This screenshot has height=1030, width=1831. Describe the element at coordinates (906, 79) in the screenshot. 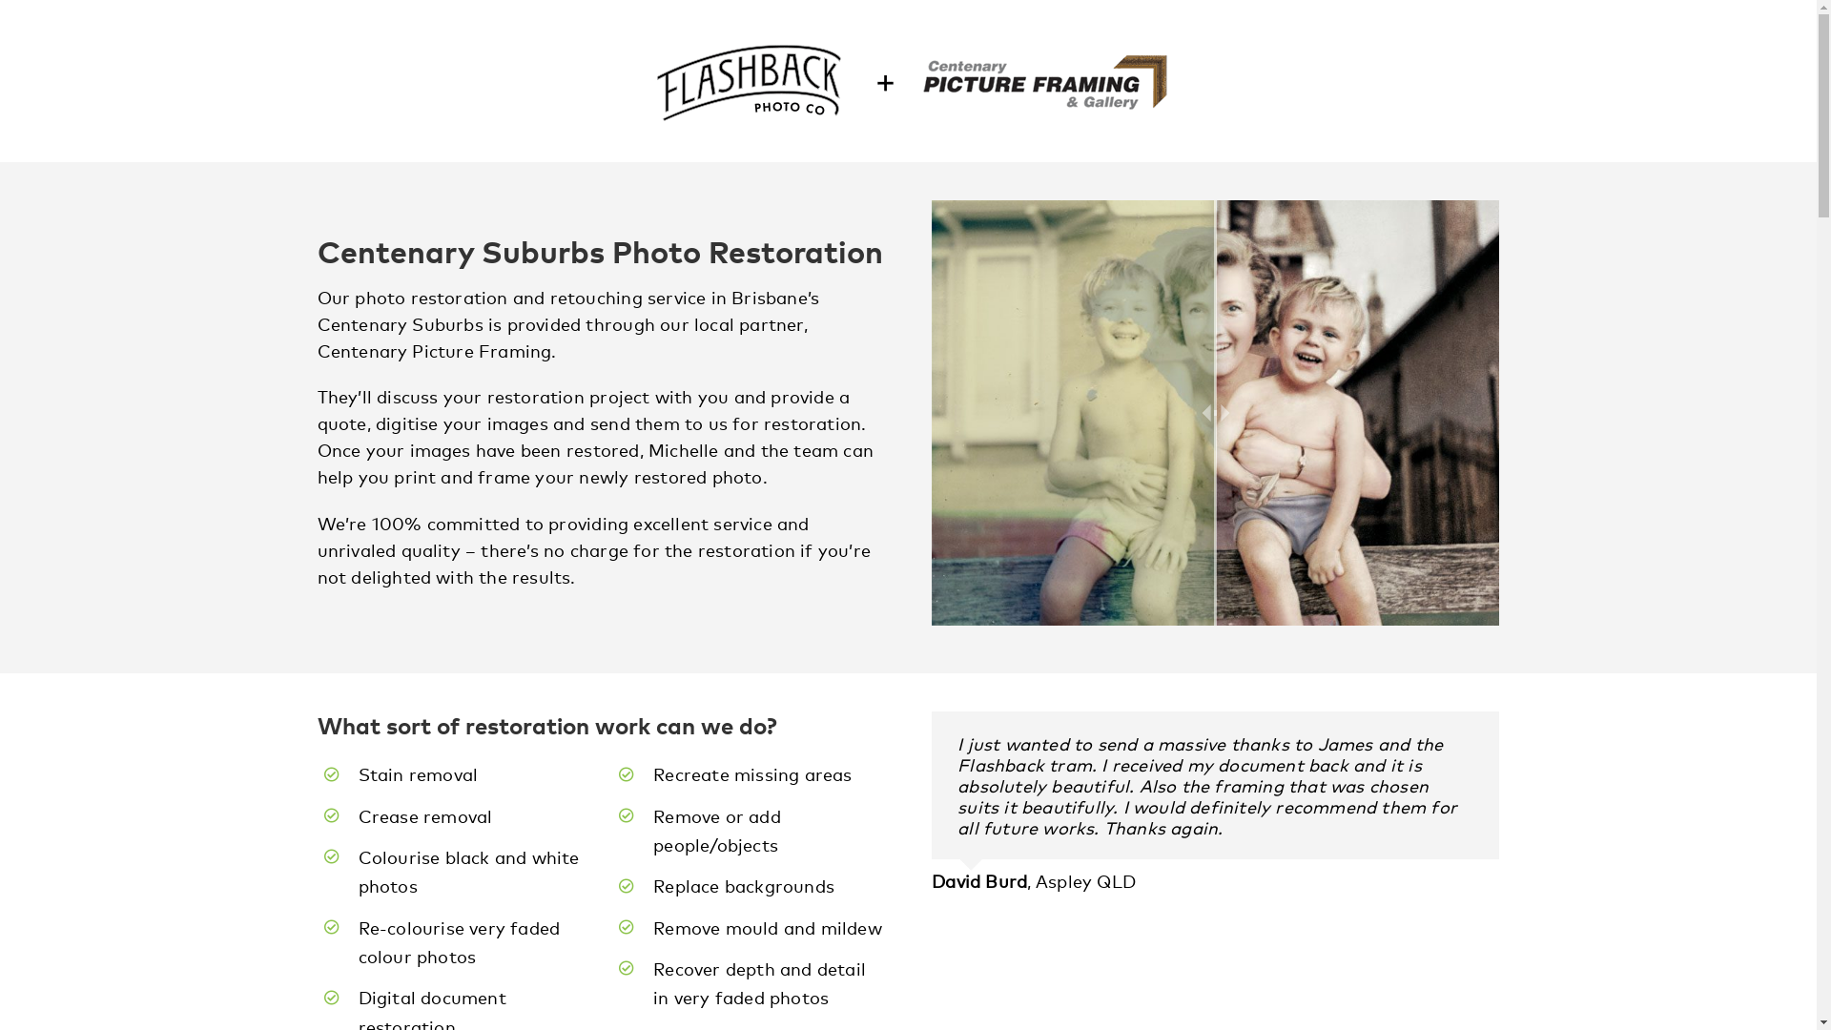

I see `'Flashback-Centenary-Logos'` at that location.